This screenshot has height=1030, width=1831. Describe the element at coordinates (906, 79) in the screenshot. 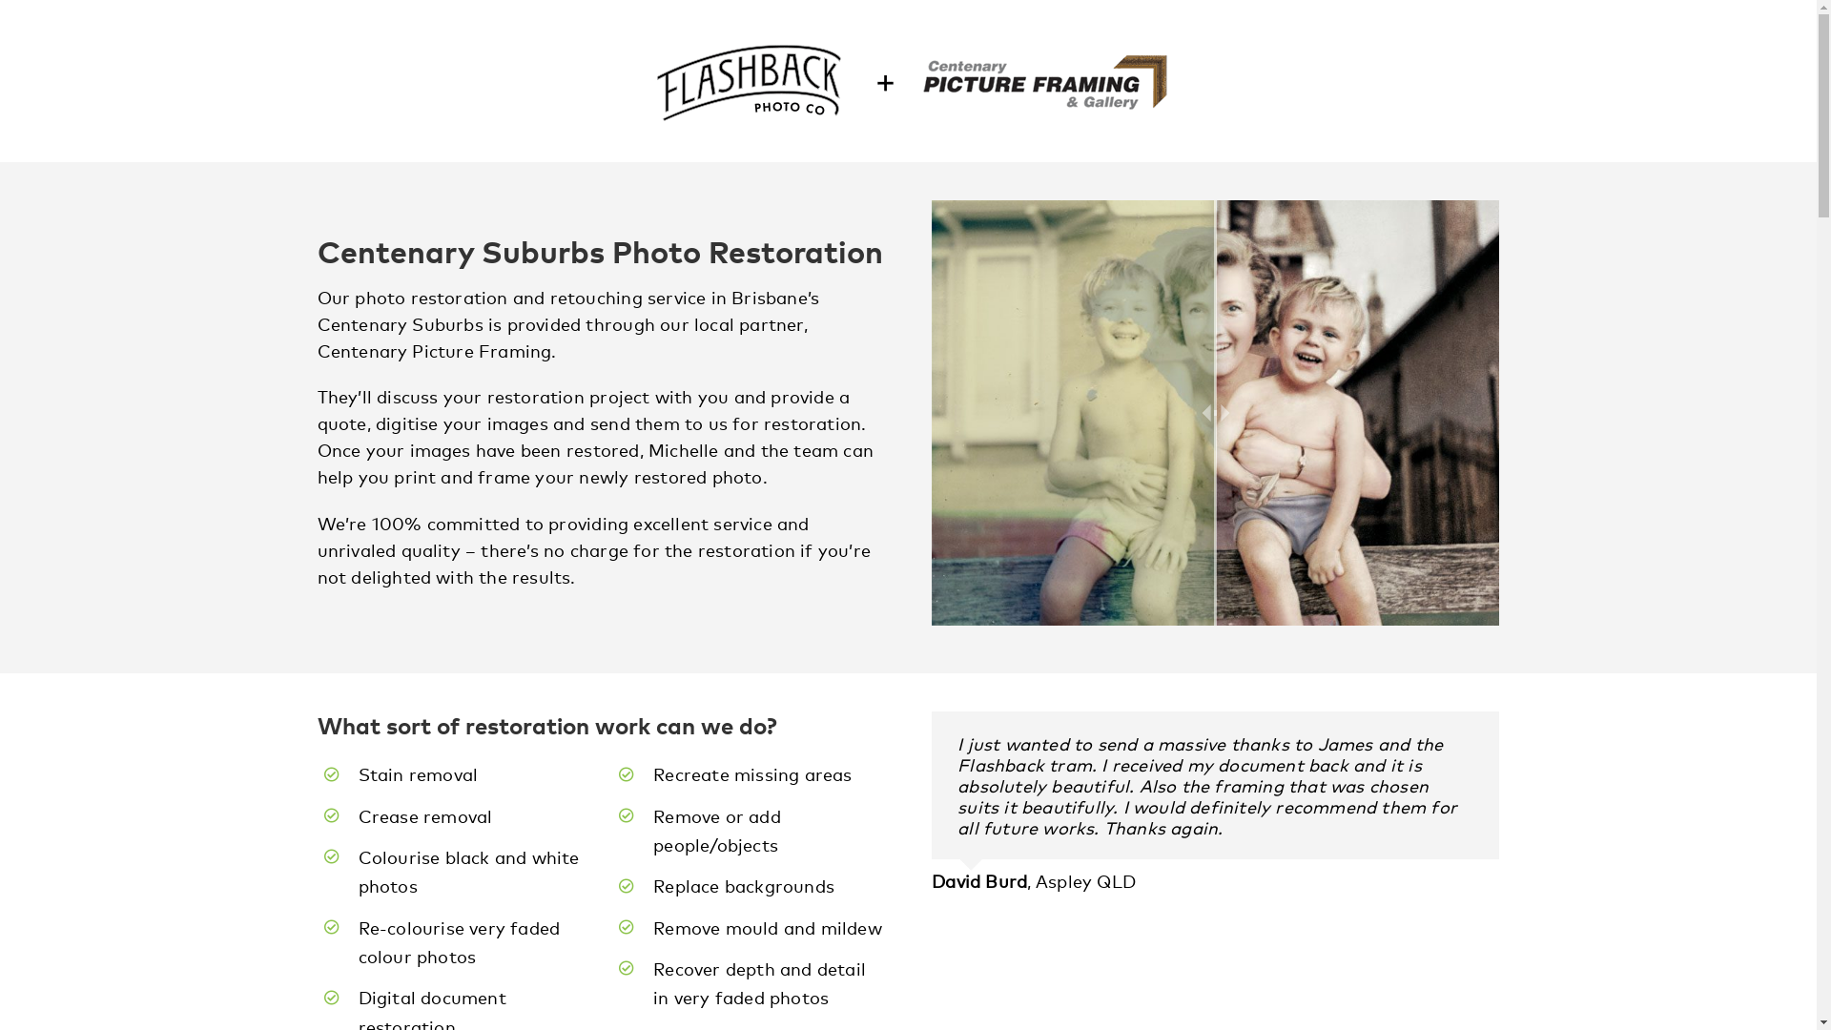

I see `'Flashback-Centenary-Logos'` at that location.